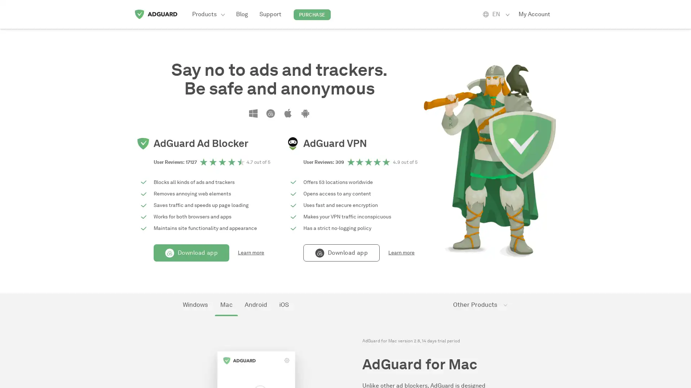 This screenshot has height=388, width=691. What do you see at coordinates (226, 305) in the screenshot?
I see `Mac` at bounding box center [226, 305].